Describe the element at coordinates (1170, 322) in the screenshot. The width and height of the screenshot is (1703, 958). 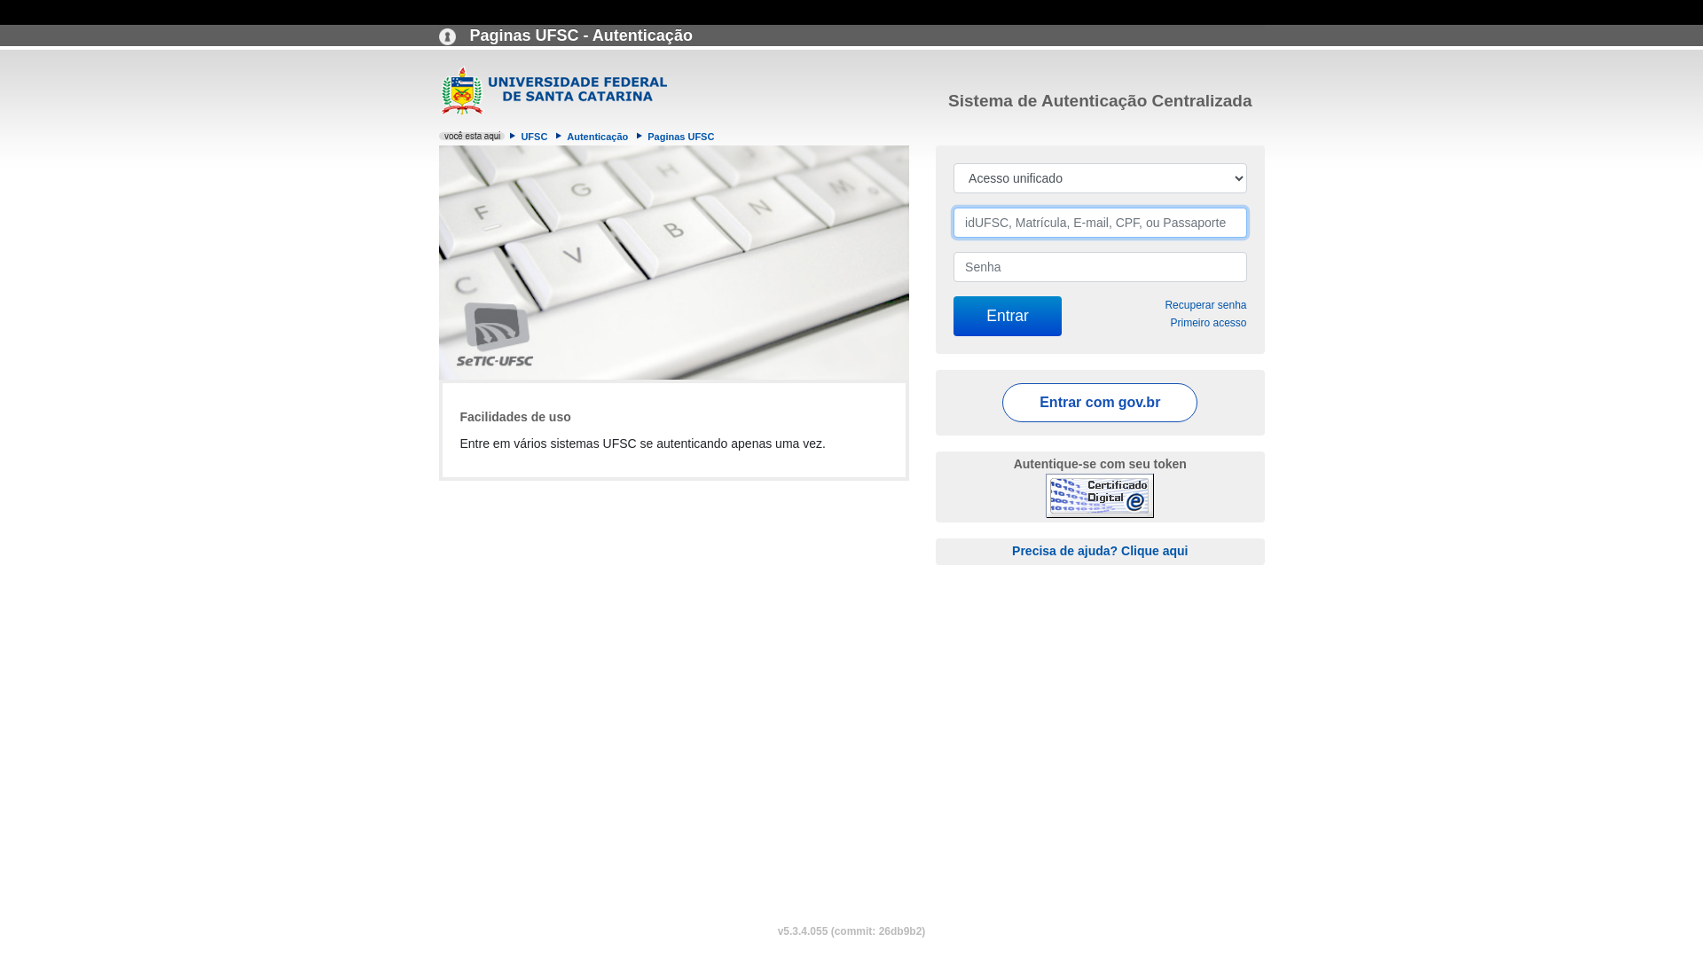
I see `'Primeiro acesso'` at that location.